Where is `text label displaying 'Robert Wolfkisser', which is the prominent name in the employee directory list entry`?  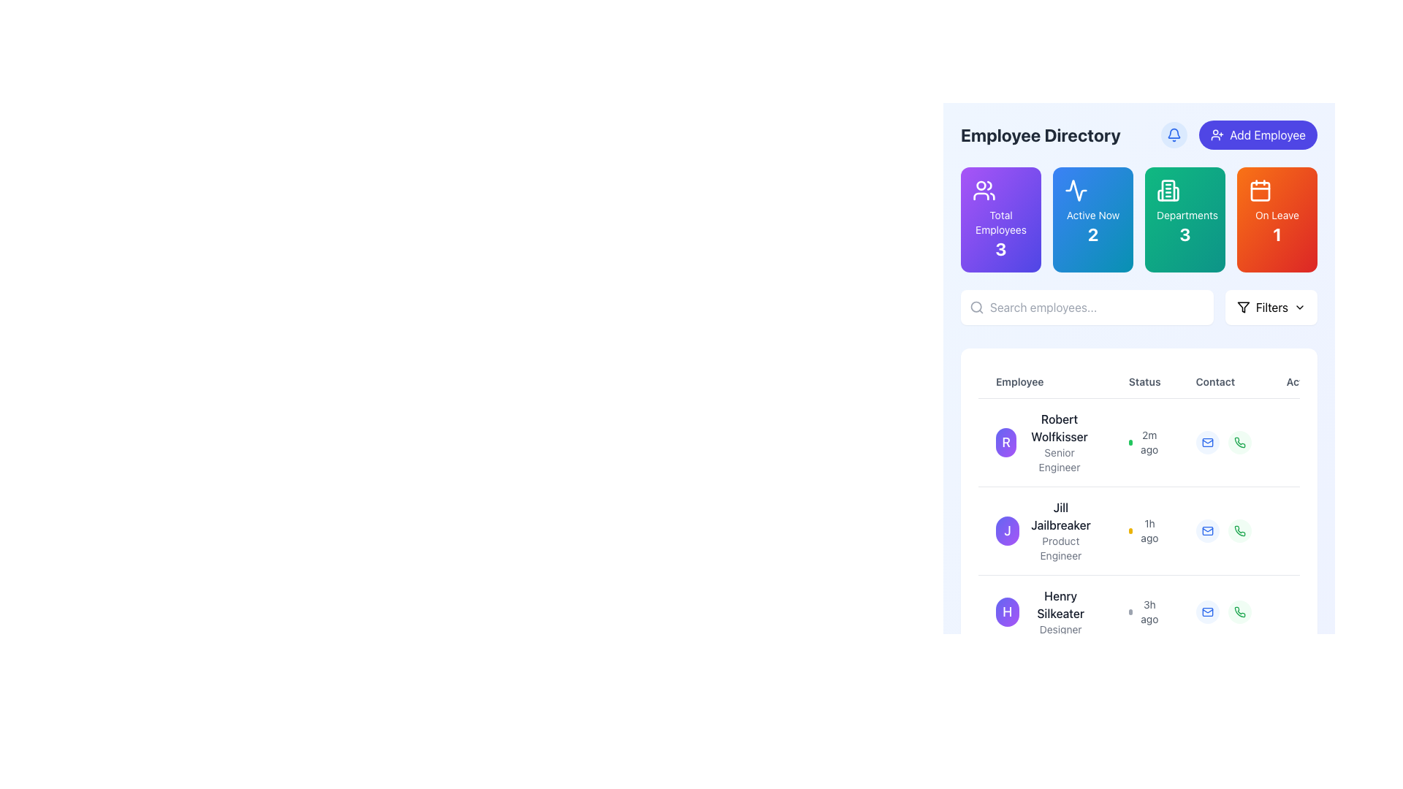
text label displaying 'Robert Wolfkisser', which is the prominent name in the employee directory list entry is located at coordinates (1059, 427).